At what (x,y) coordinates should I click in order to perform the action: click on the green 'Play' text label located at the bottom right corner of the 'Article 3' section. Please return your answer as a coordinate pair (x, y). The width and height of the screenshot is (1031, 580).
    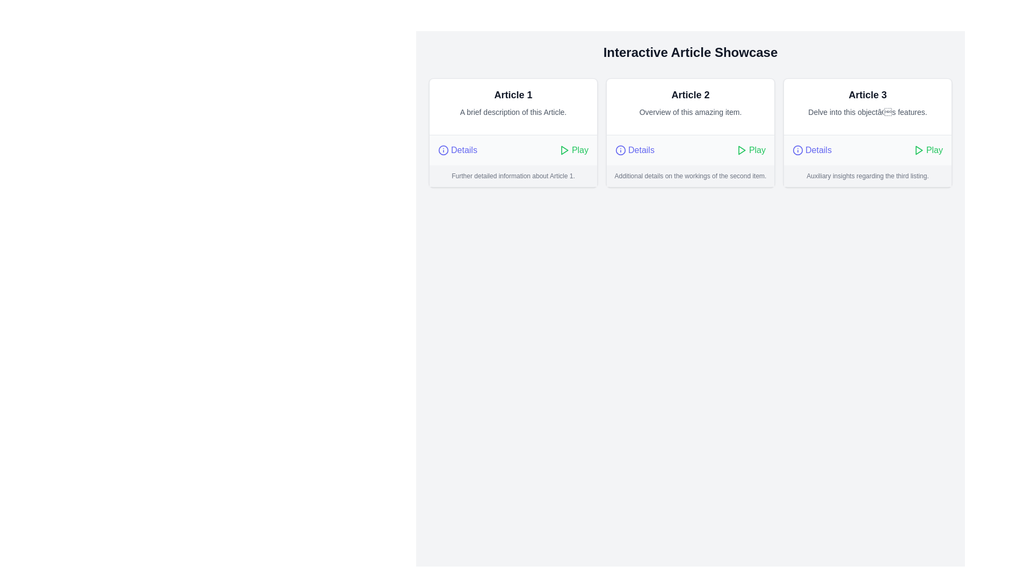
    Looking at the image, I should click on (934, 150).